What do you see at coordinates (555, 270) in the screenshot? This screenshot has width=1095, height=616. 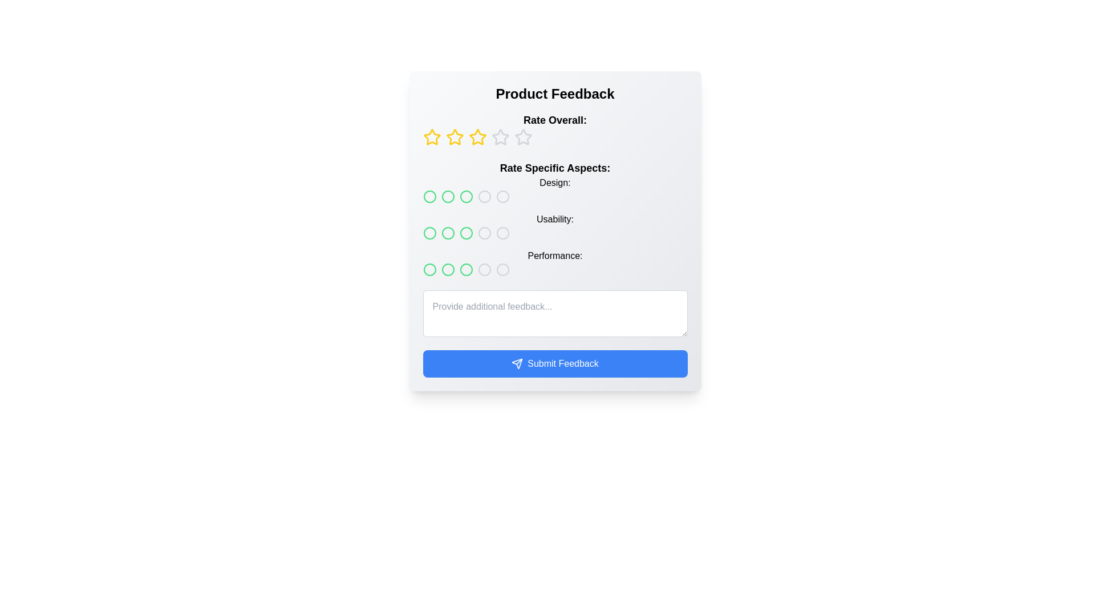 I see `across the row of selectable circular indicators in the 'Performance' rating scale` at bounding box center [555, 270].